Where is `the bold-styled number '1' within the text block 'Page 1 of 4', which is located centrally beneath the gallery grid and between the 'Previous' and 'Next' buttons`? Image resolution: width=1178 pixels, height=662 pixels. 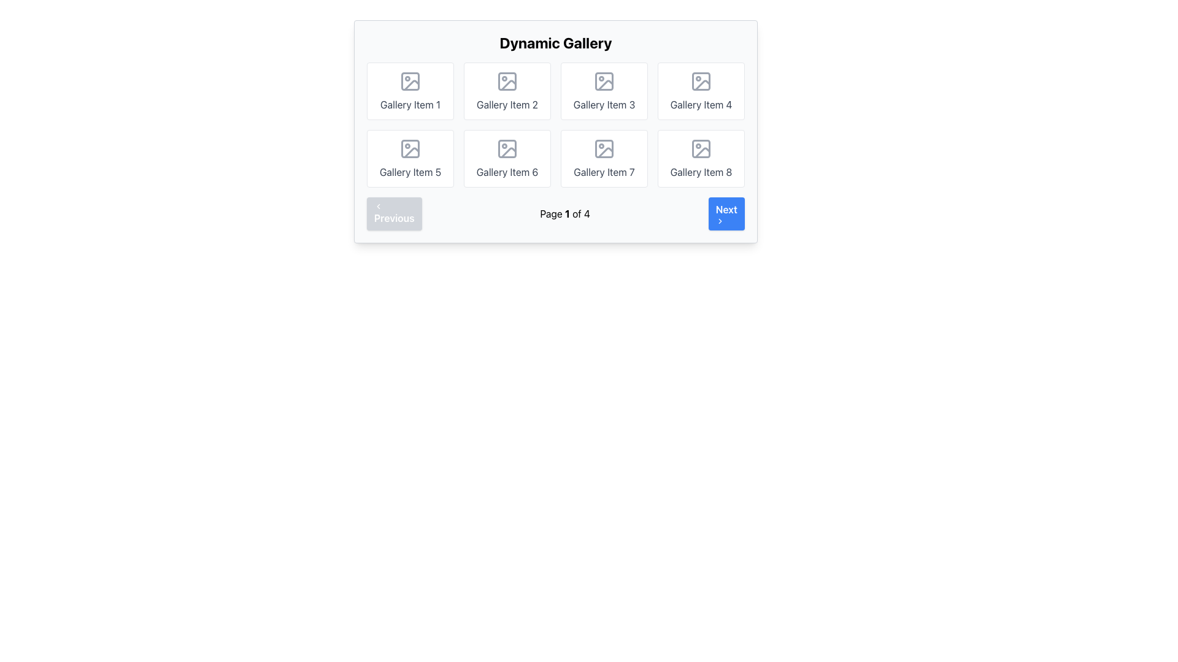 the bold-styled number '1' within the text block 'Page 1 of 4', which is located centrally beneath the gallery grid and between the 'Previous' and 'Next' buttons is located at coordinates (566, 213).